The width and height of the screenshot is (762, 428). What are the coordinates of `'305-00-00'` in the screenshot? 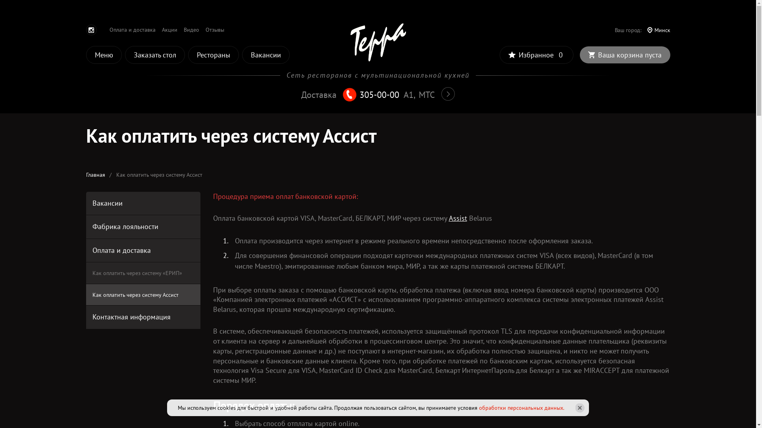 It's located at (379, 94).